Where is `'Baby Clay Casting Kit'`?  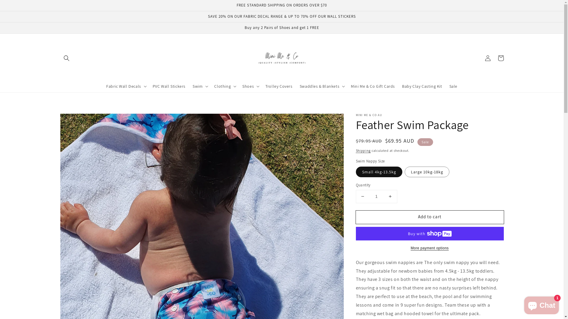 'Baby Clay Casting Kit' is located at coordinates (422, 86).